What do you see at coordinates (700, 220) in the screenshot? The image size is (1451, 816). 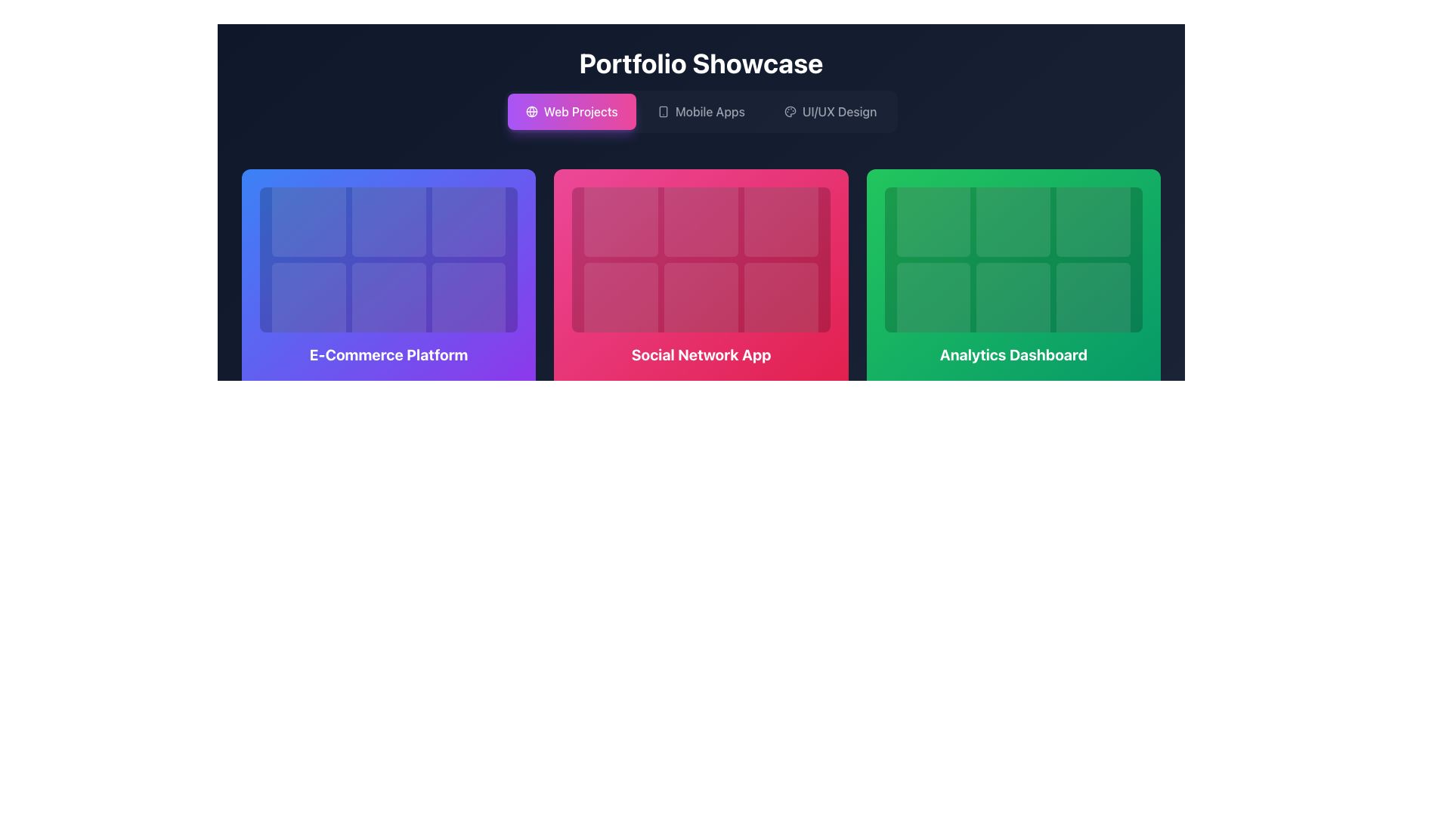 I see `the Tile element located in the first row and second column of the 3x2 grid within the 'Social Network App' card` at bounding box center [700, 220].